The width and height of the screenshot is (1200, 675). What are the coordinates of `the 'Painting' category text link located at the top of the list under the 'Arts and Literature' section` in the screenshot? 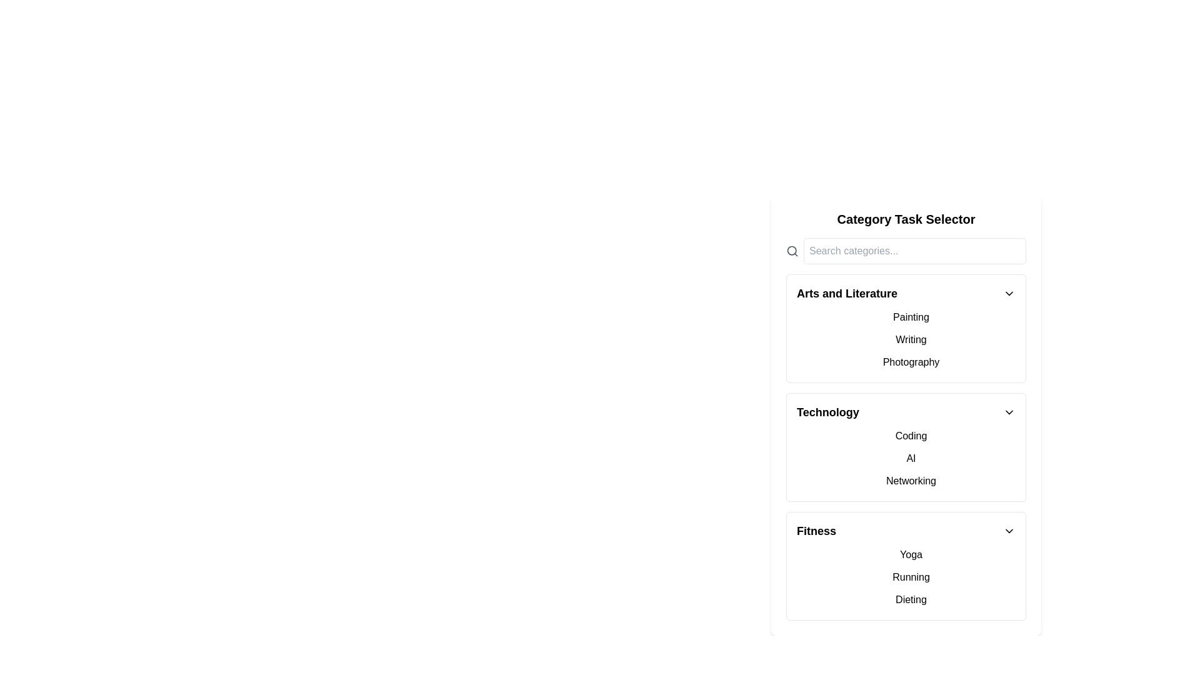 It's located at (911, 317).